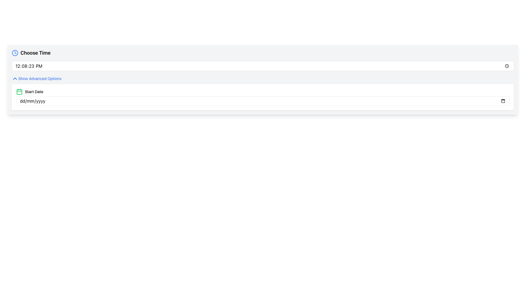 Image resolution: width=525 pixels, height=295 pixels. I want to click on the calendar icon with a green outline and white background located to the left of the 'Start Date' label, so click(19, 91).